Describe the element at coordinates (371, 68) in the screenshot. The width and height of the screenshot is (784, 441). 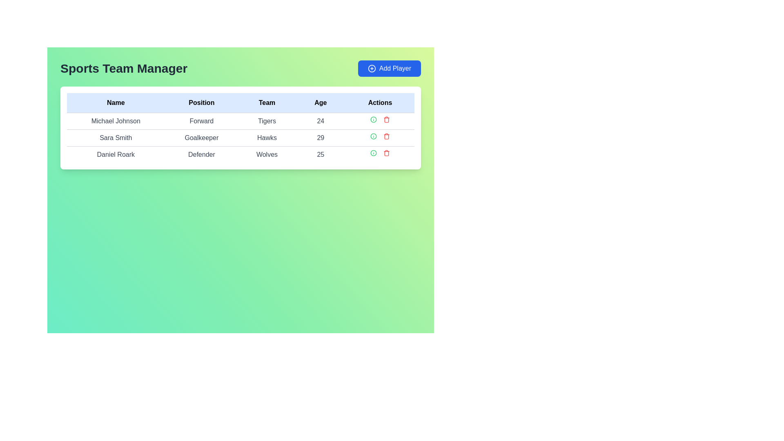
I see `the icon located to the left of the 'Add Player' text on the button at the top-right portion of the interface` at that location.